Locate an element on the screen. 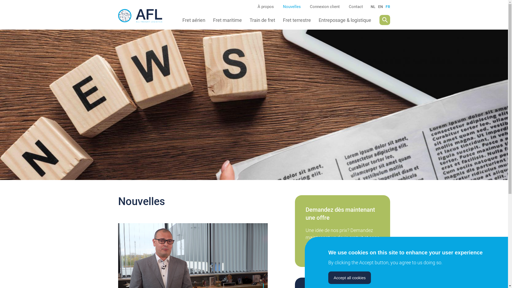 This screenshot has width=512, height=288. 'offre' is located at coordinates (342, 231).